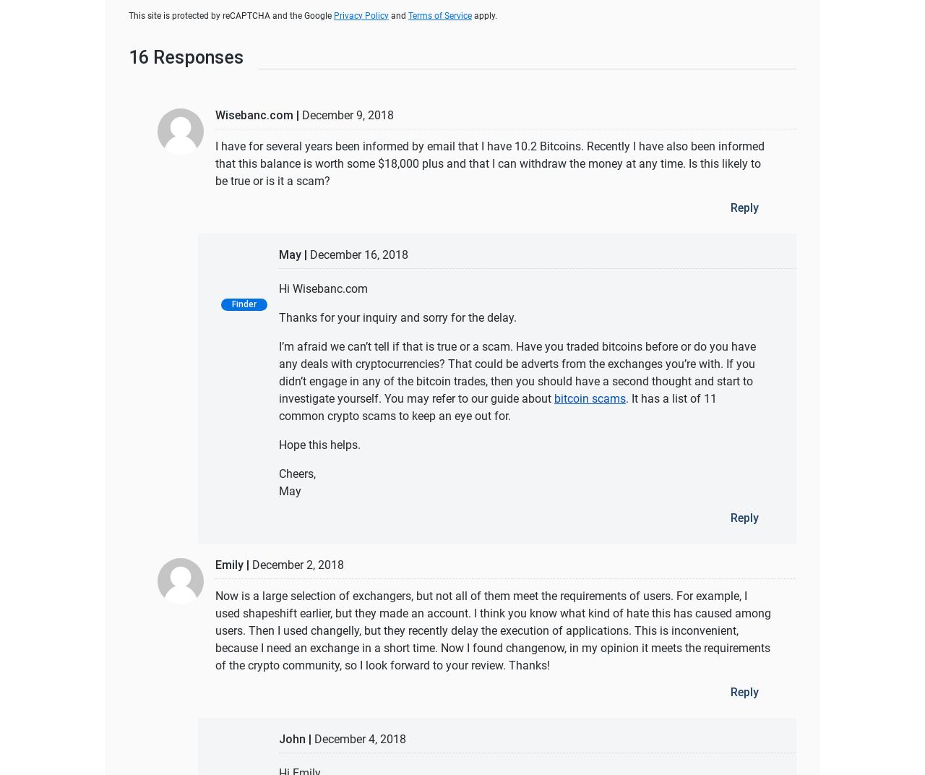  What do you see at coordinates (388, 14) in the screenshot?
I see `'and'` at bounding box center [388, 14].